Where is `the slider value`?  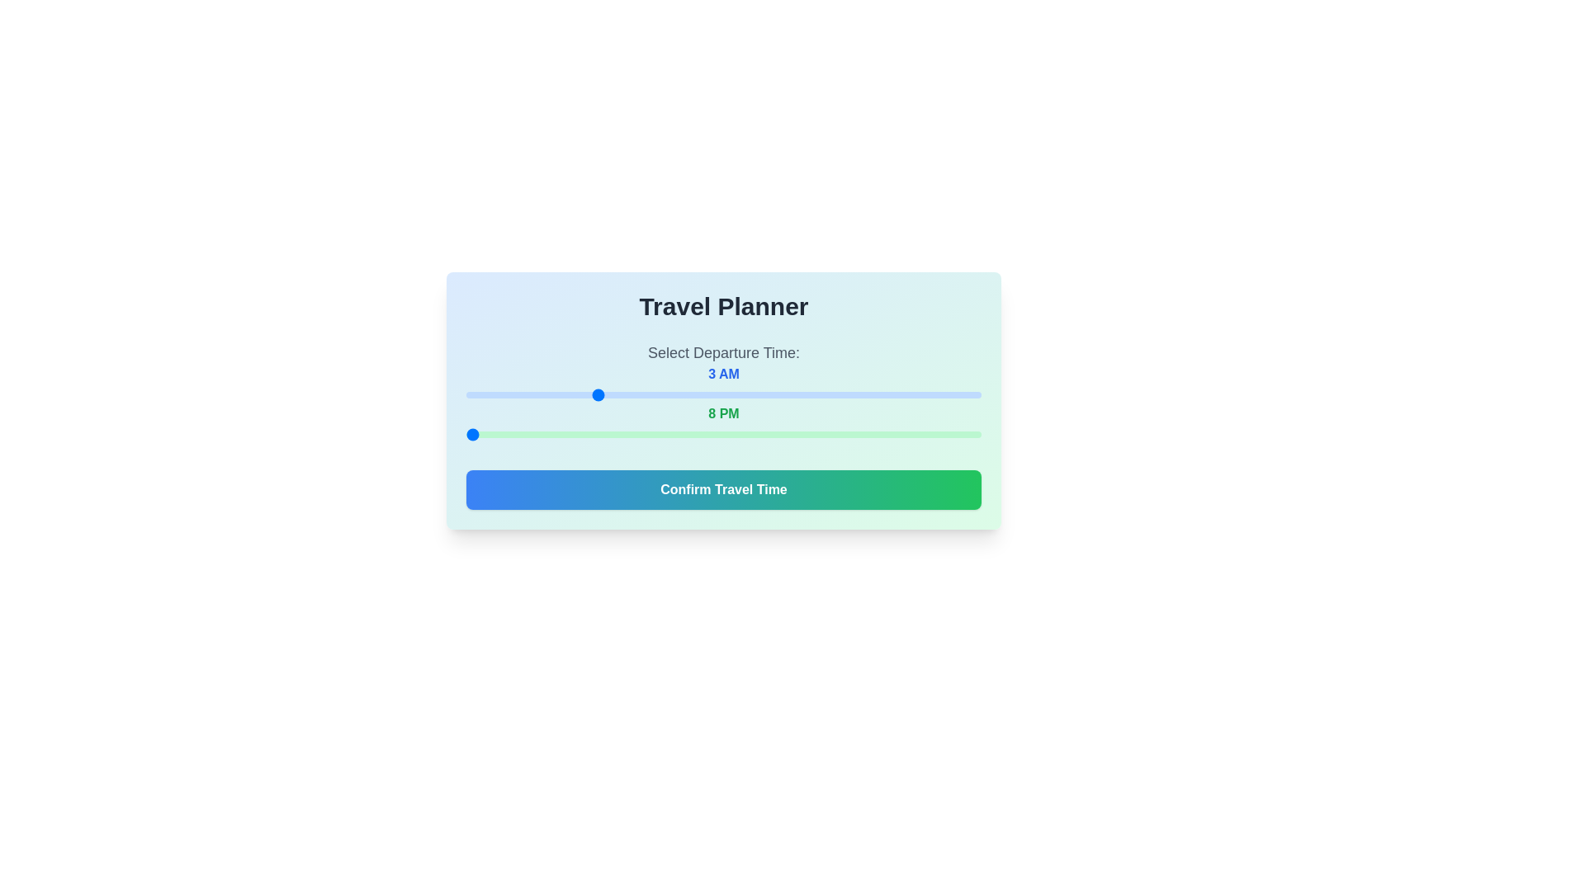 the slider value is located at coordinates (894, 434).